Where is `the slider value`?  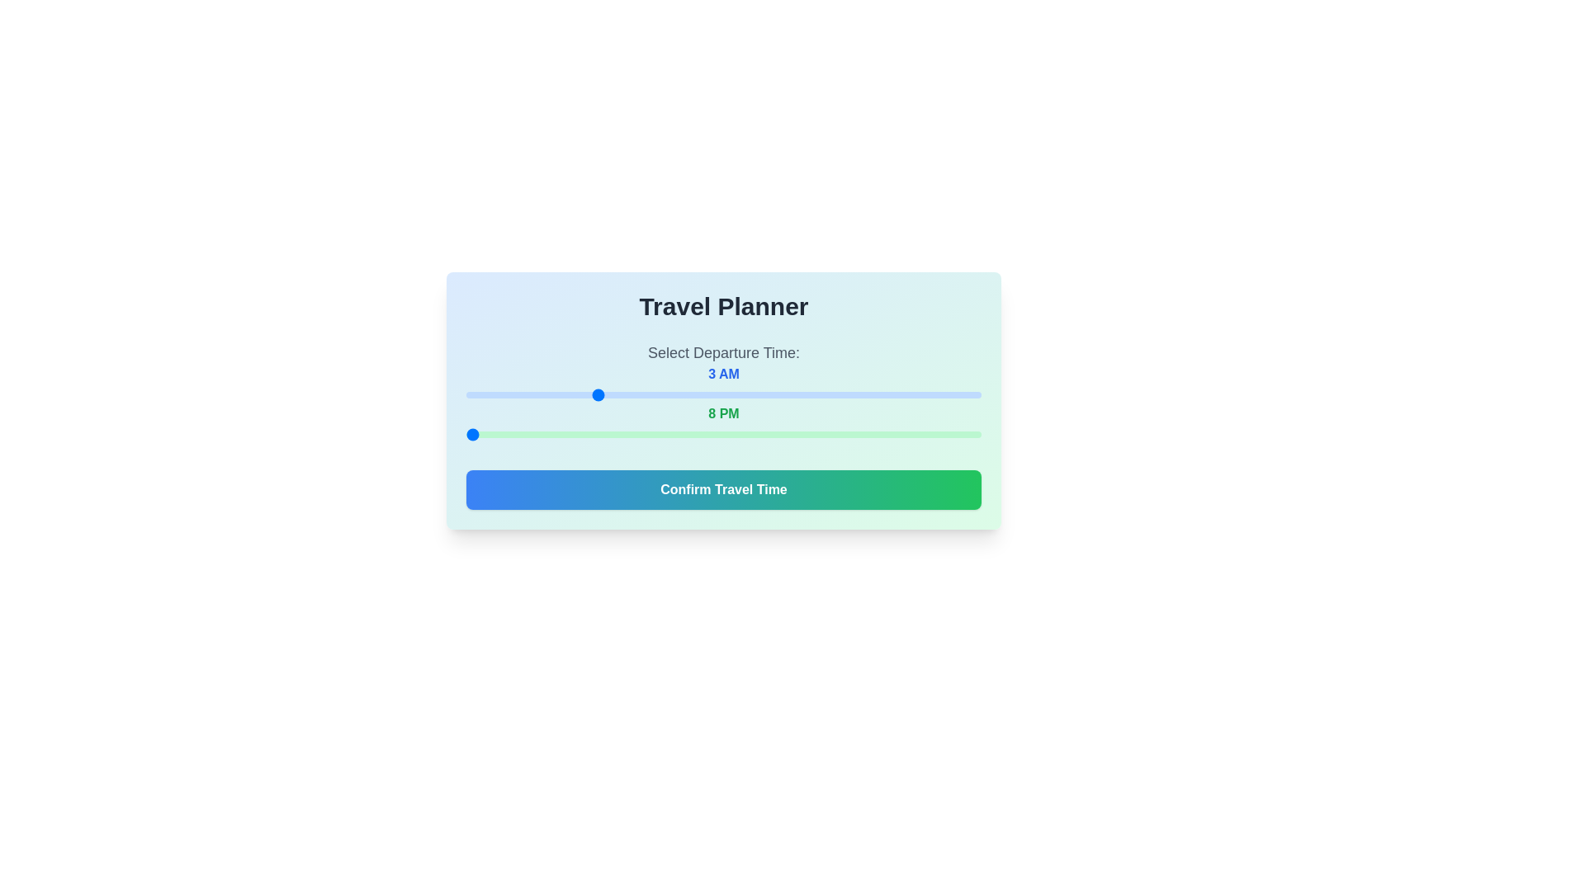 the slider value is located at coordinates (894, 434).